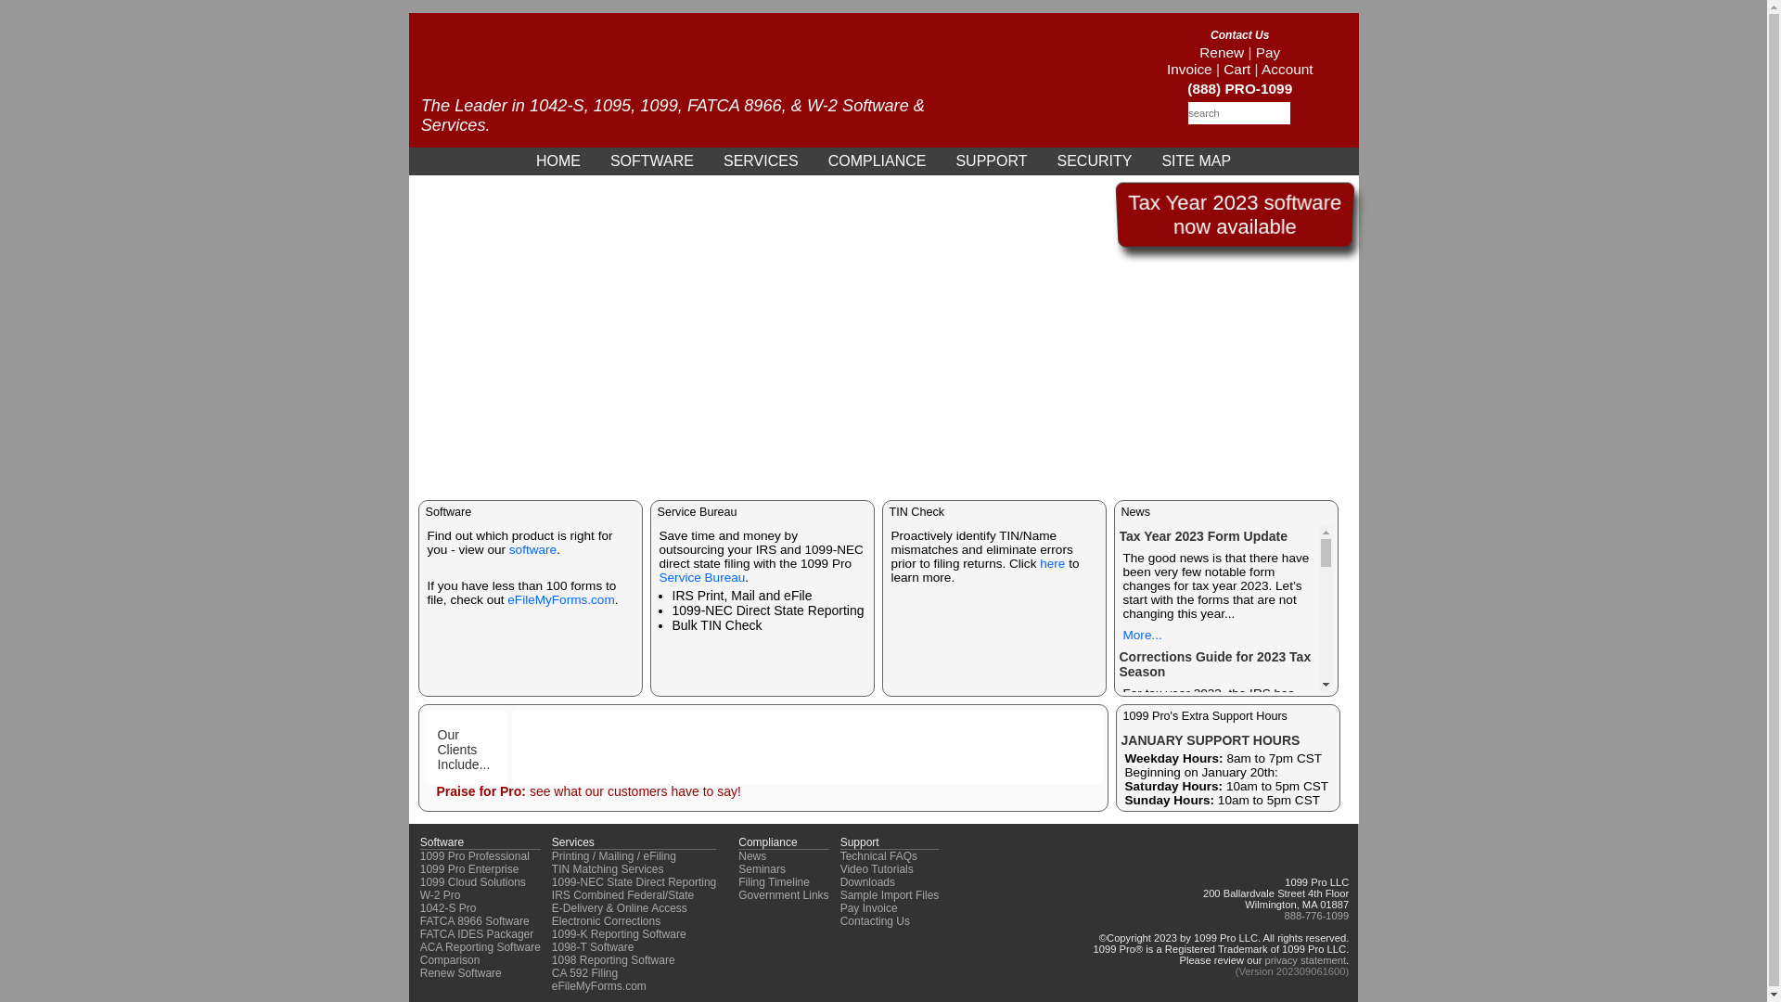 This screenshot has width=1781, height=1002. Describe the element at coordinates (783, 893) in the screenshot. I see `'Government Links'` at that location.